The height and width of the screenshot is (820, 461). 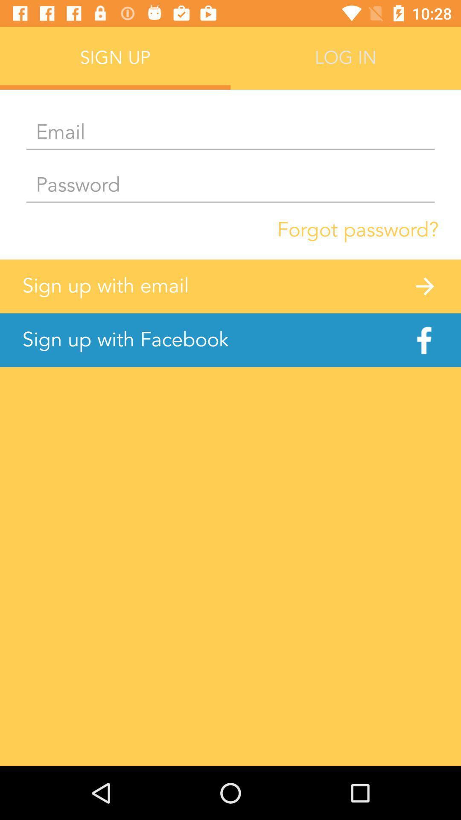 I want to click on password button, so click(x=230, y=185).